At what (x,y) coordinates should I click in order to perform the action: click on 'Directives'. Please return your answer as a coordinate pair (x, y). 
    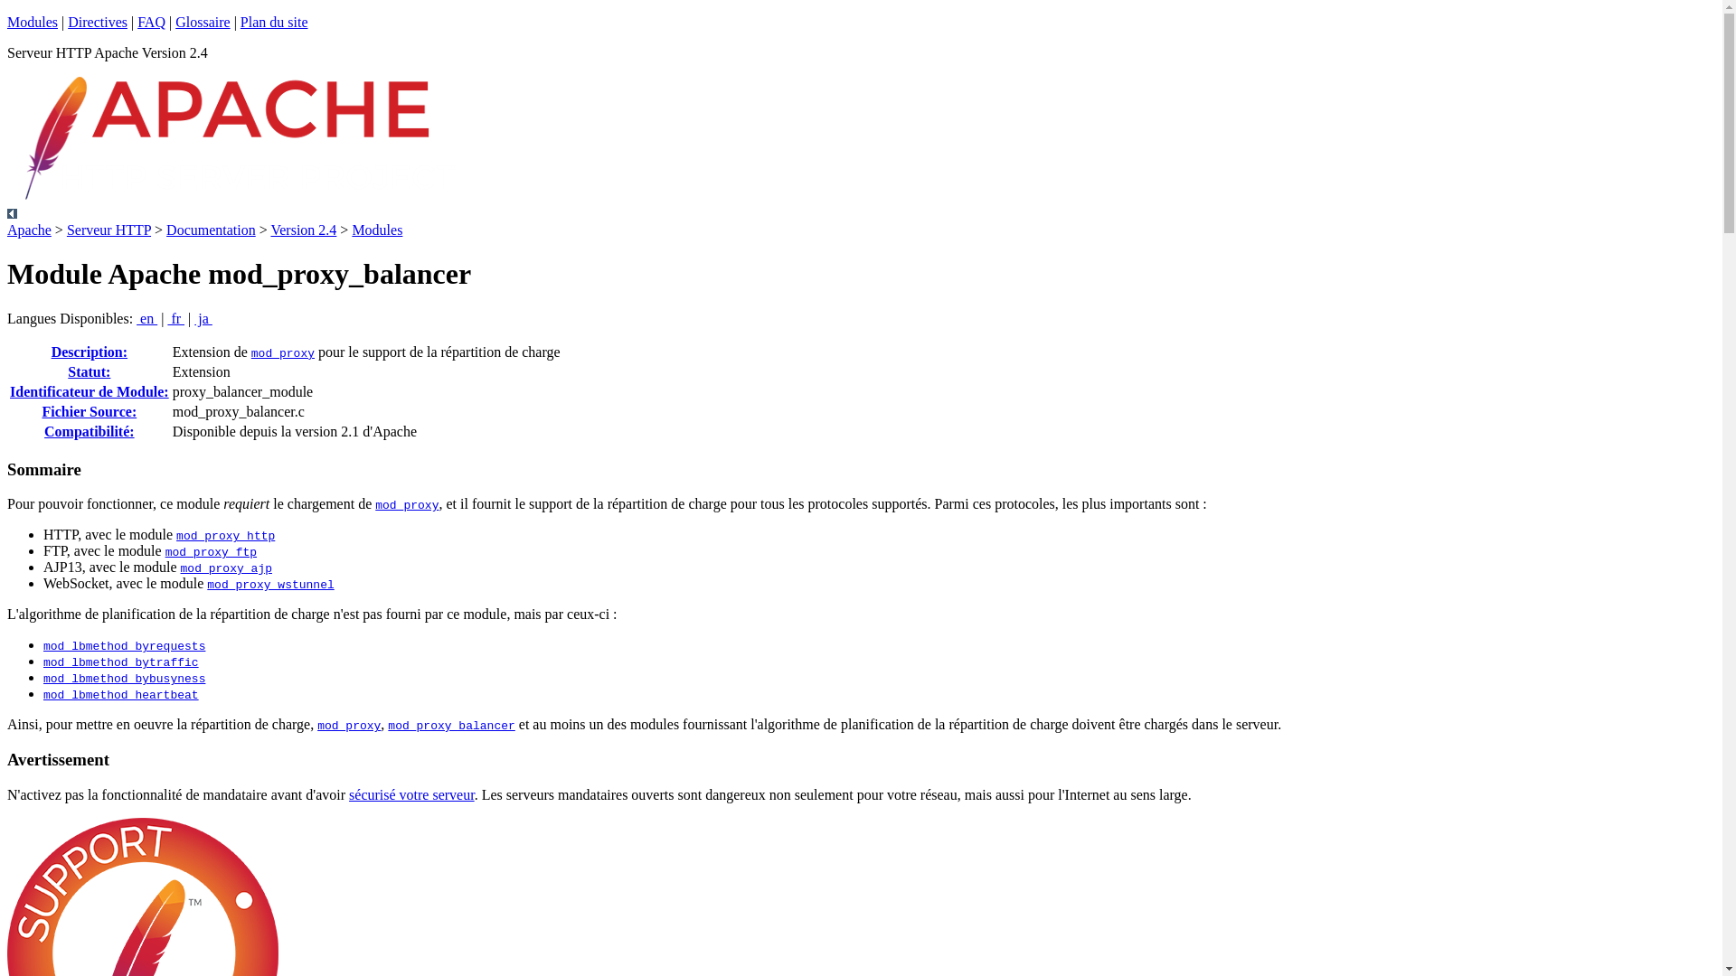
    Looking at the image, I should click on (97, 22).